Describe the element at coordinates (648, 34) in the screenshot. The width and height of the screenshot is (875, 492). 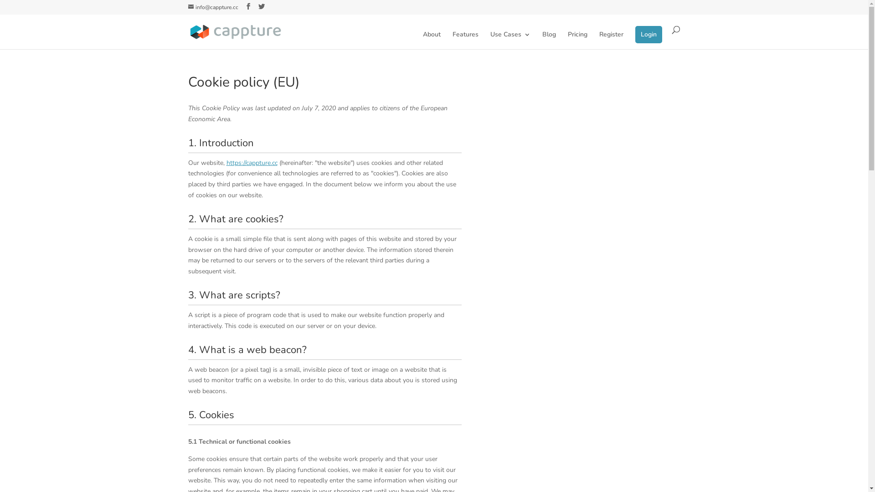
I see `'Login'` at that location.